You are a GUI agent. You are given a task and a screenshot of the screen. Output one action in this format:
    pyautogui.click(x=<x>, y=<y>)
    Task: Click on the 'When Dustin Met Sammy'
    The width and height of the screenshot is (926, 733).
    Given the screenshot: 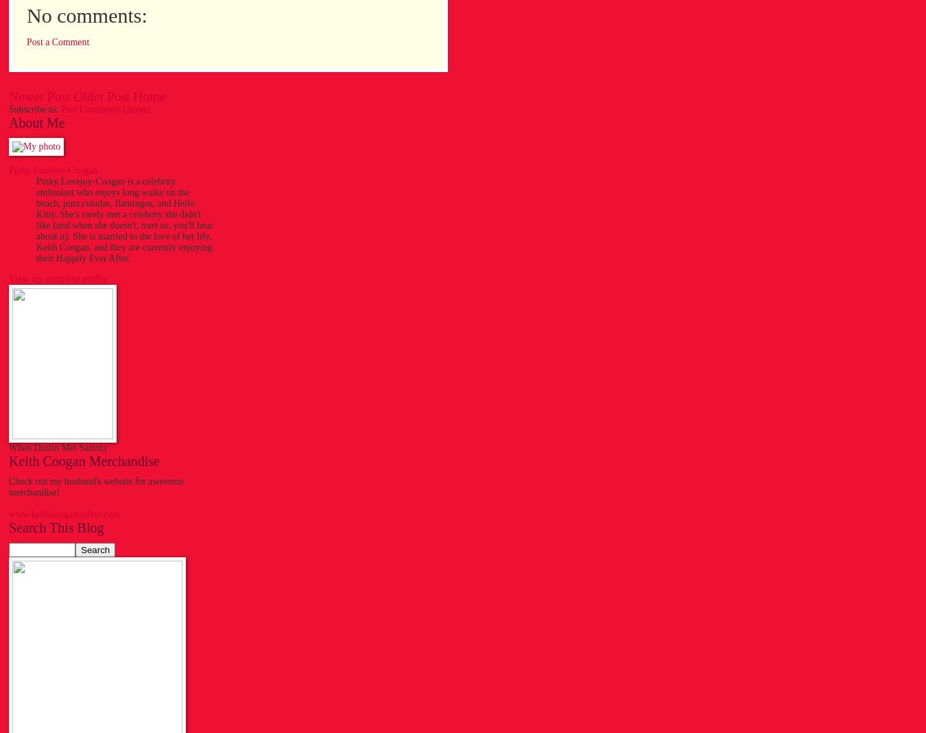 What is the action you would take?
    pyautogui.click(x=58, y=446)
    